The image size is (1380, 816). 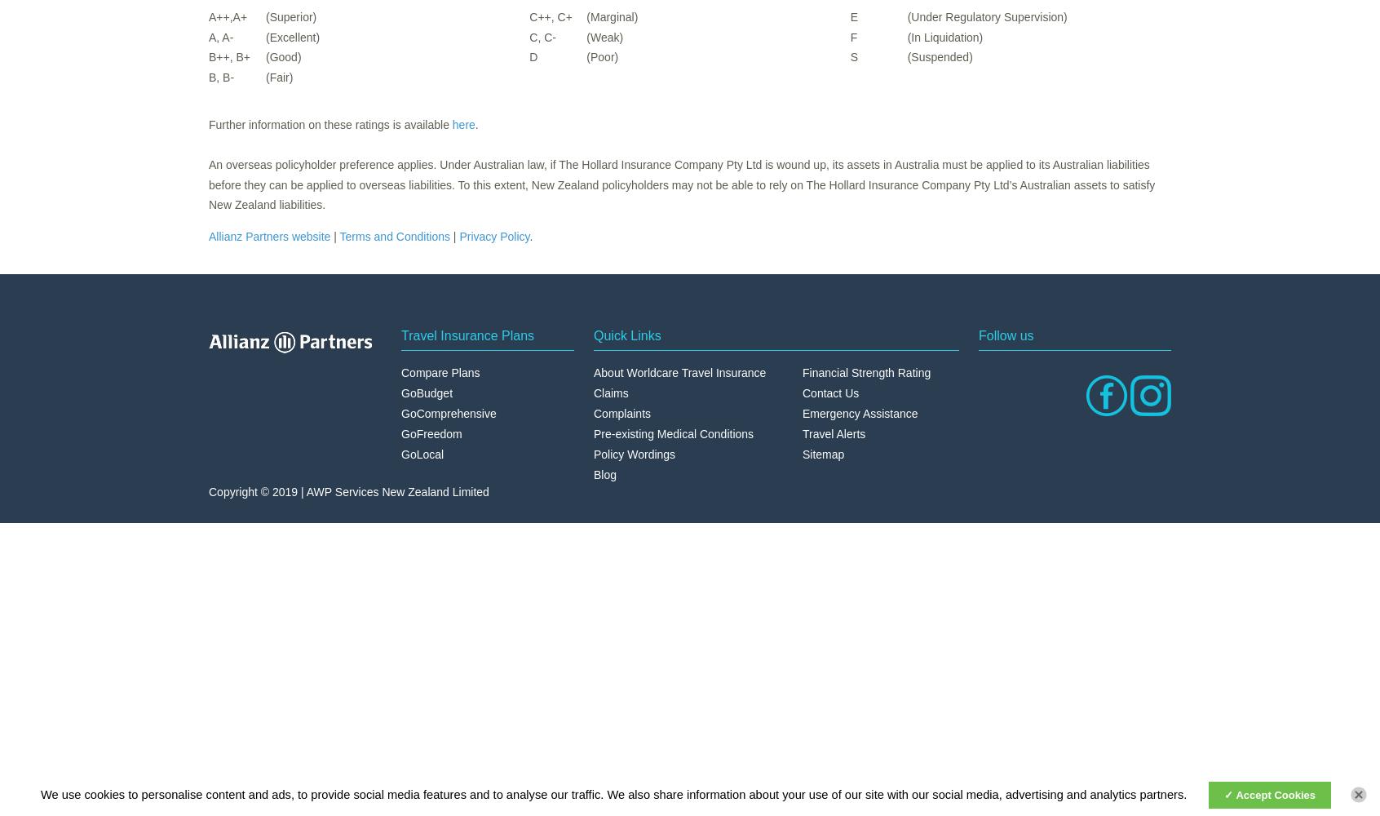 I want to click on 'Policy Wordings', so click(x=593, y=454).